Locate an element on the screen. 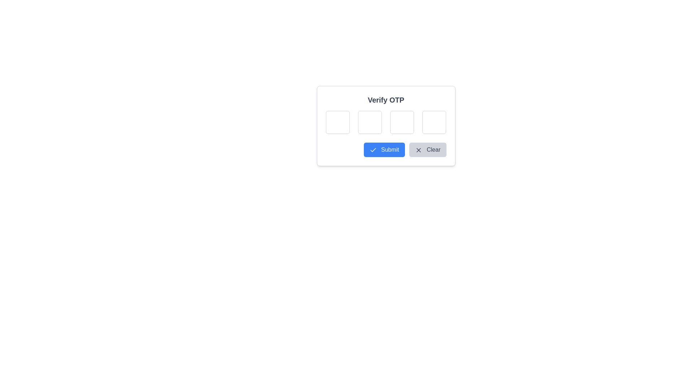 This screenshot has height=390, width=693. the 'X' icon located within the 'Clear' button at the bottom-right corner of the form is located at coordinates (418, 149).